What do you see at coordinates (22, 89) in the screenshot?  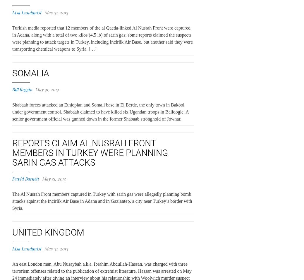 I see `'Bill Roggio'` at bounding box center [22, 89].